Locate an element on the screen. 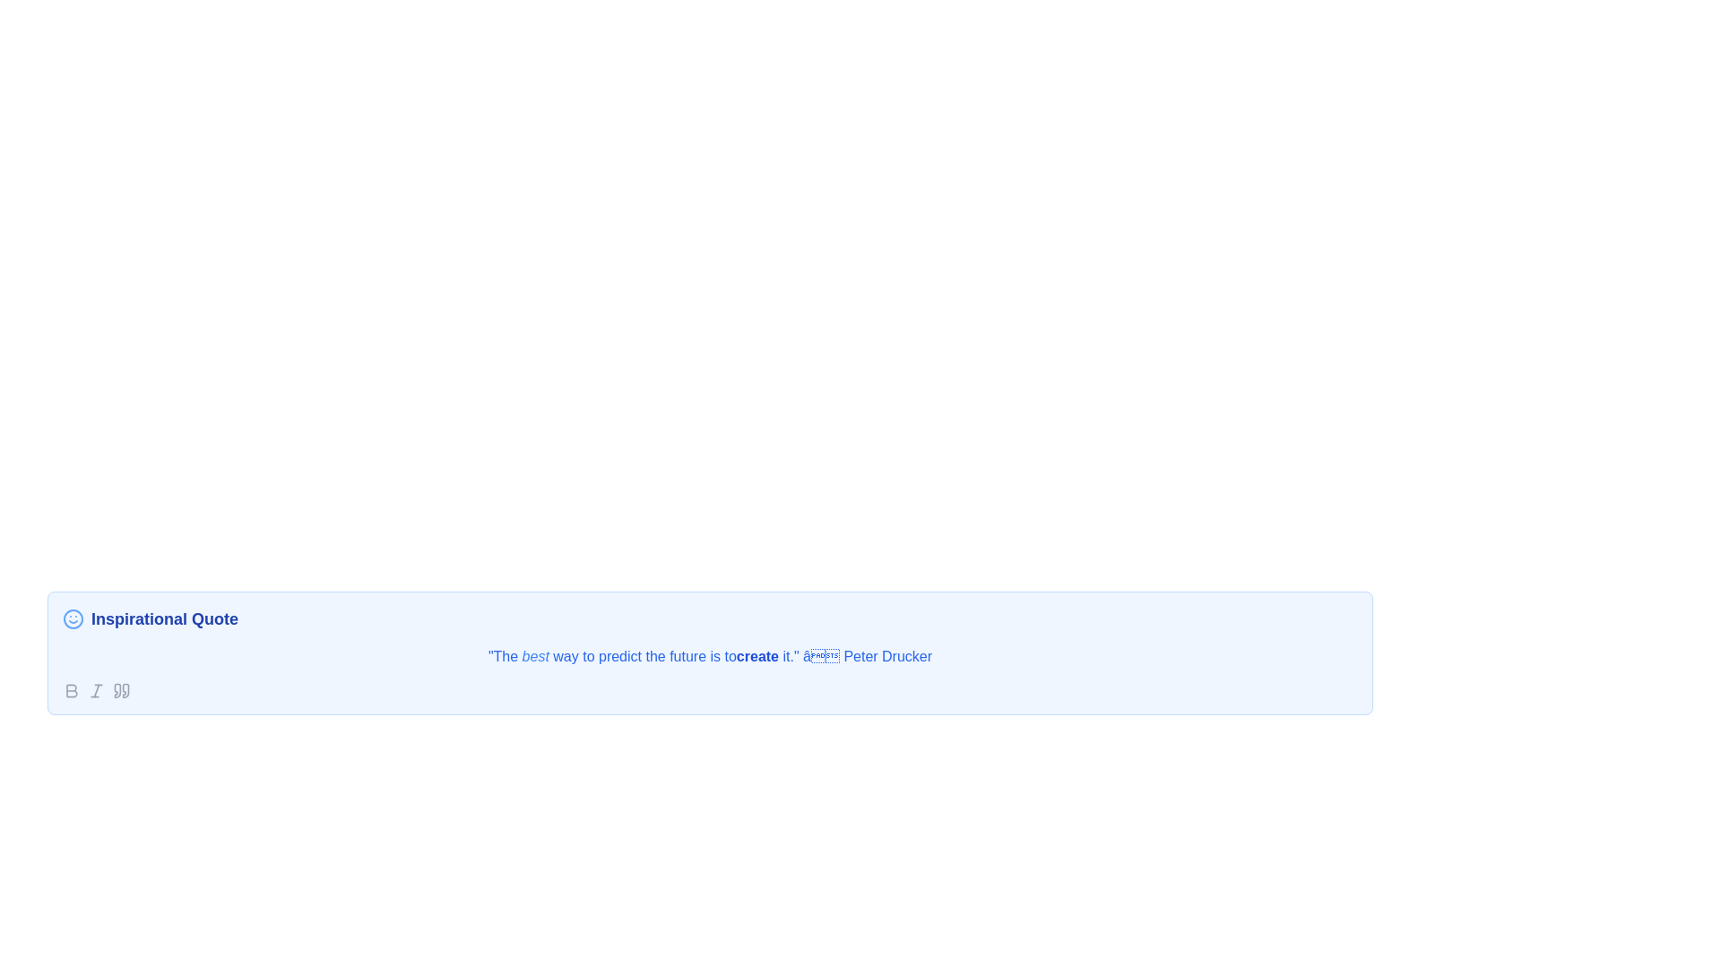 Image resolution: width=1721 pixels, height=968 pixels. the quotation formatting icon button located to the right of the italic button is located at coordinates (120, 690).